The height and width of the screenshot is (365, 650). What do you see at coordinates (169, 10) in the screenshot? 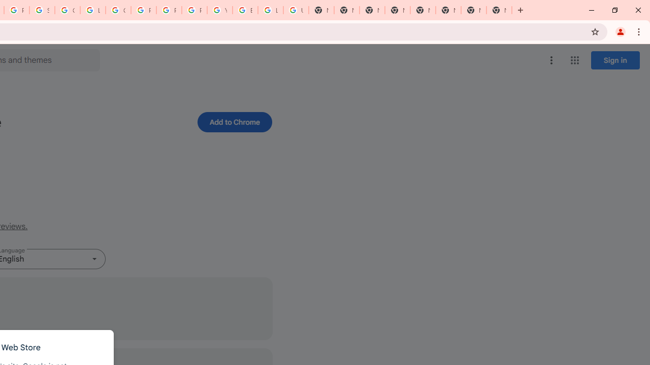
I see `'Privacy Help Center - Policies Help'` at bounding box center [169, 10].